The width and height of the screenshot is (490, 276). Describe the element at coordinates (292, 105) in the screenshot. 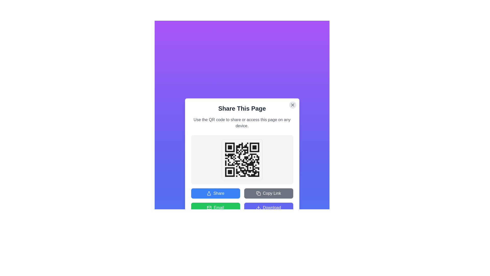

I see `the close button located at the top-right corner of the 'Share This Page' modal` at that location.